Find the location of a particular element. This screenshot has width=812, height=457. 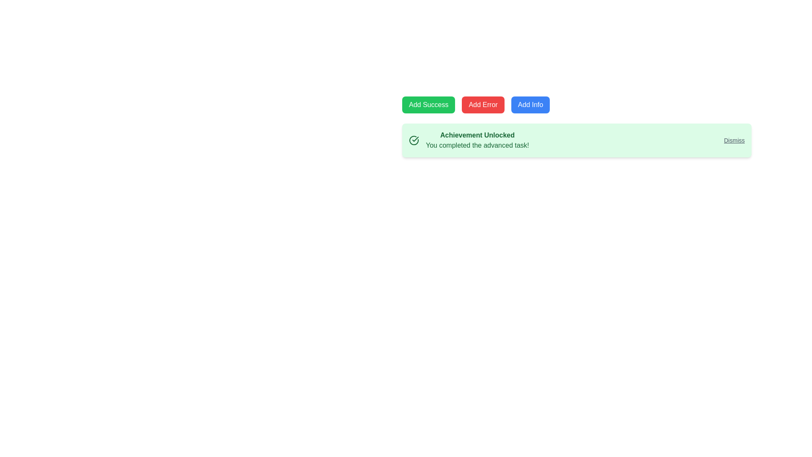

the 'Add Info' button, which is a rectangular button with rounded edges, blue background, and white text is located at coordinates (530, 104).